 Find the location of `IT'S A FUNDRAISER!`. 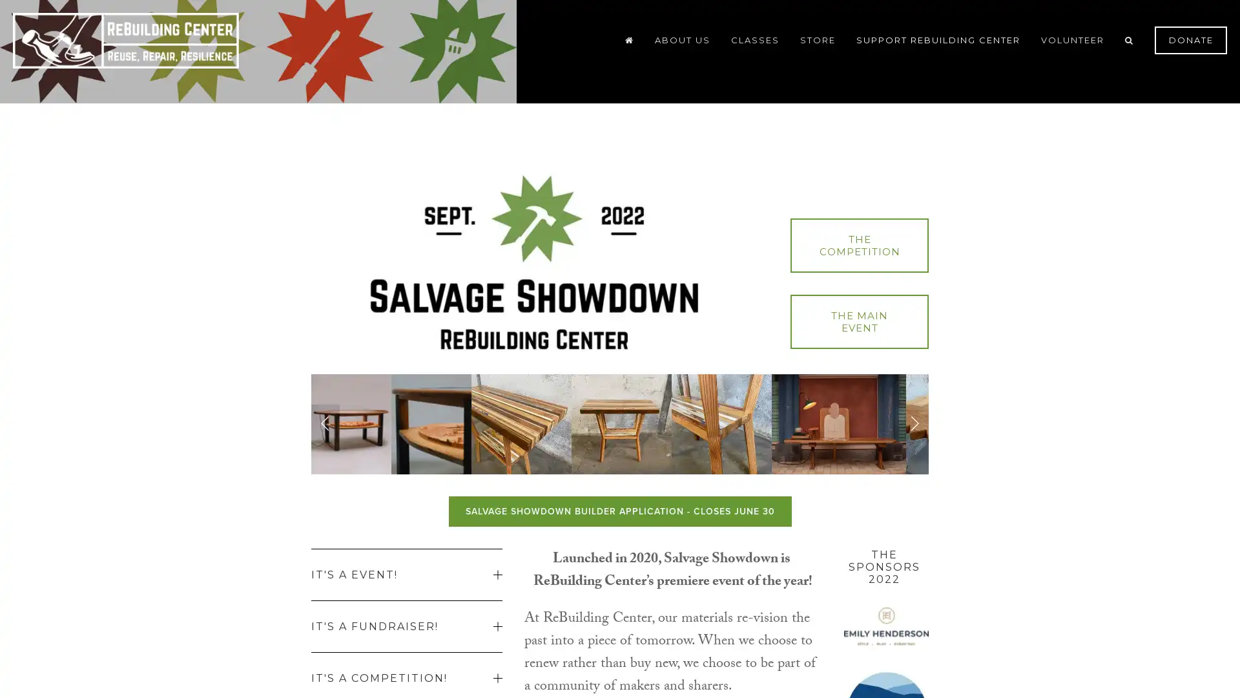

IT'S A FUNDRAISER! is located at coordinates (406, 625).